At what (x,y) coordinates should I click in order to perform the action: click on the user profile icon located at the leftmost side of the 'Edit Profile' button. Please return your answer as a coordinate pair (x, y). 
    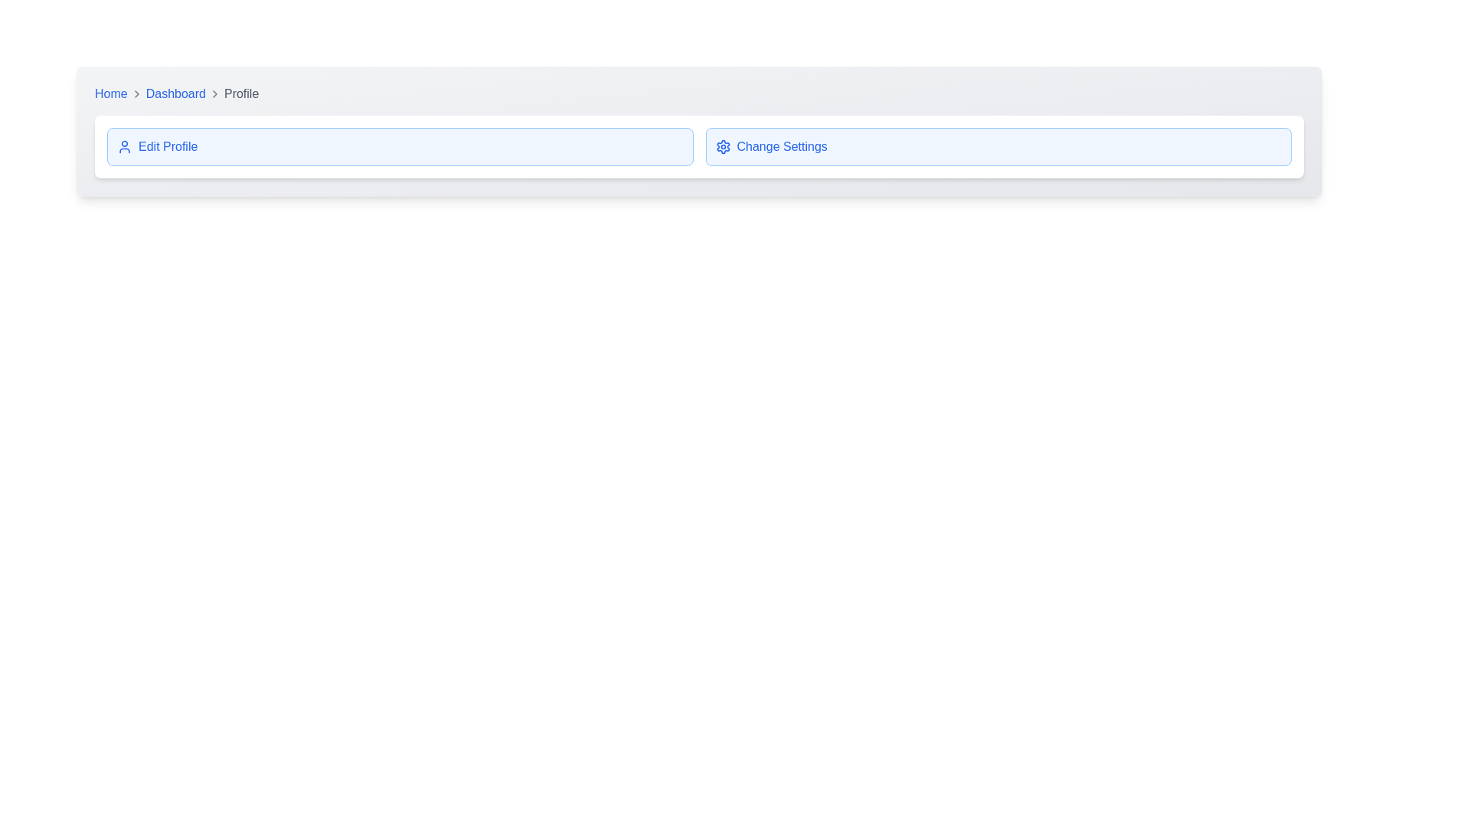
    Looking at the image, I should click on (125, 147).